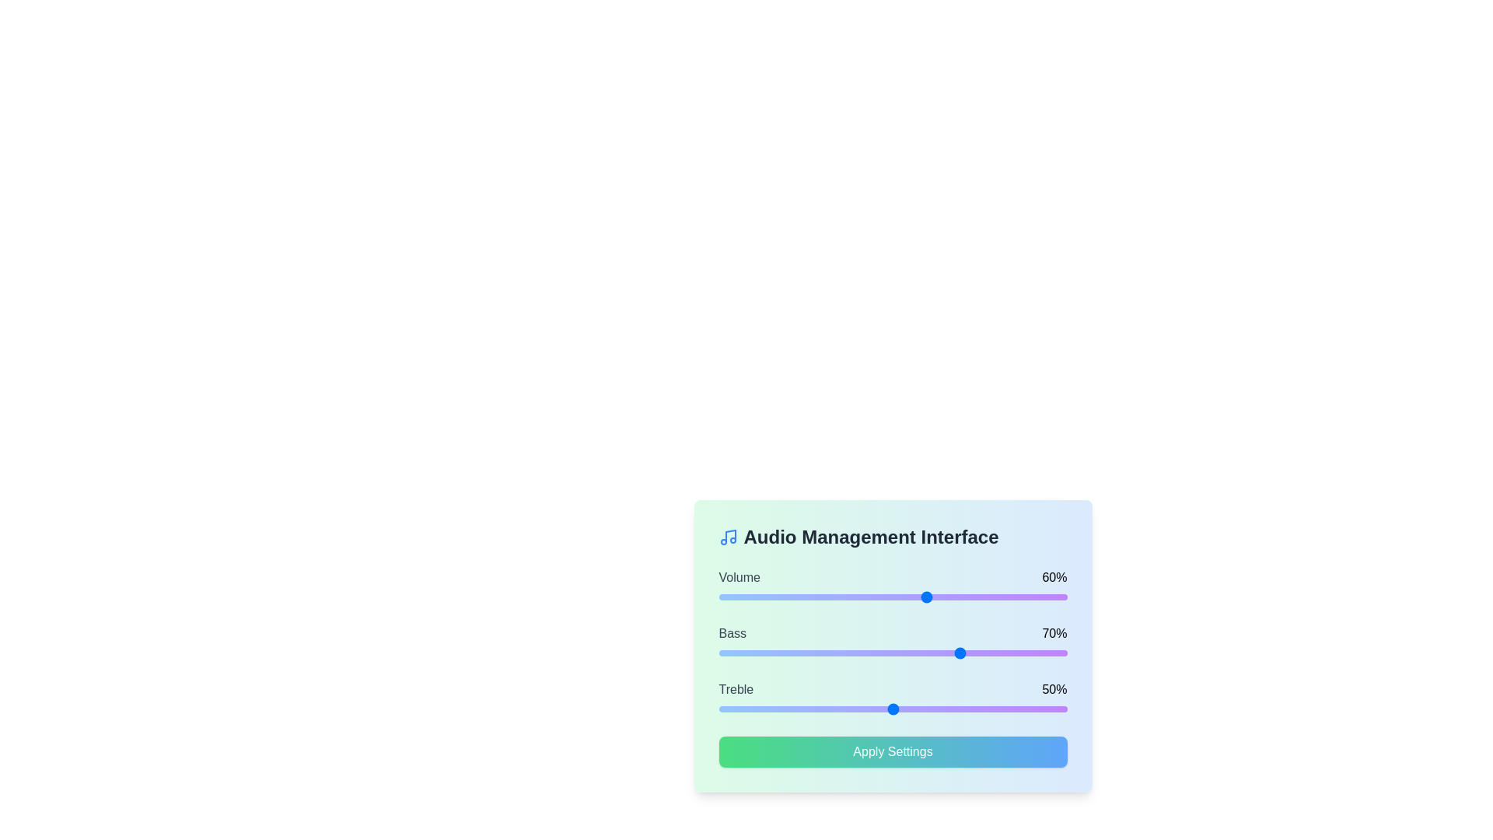 The width and height of the screenshot is (1493, 840). I want to click on the treble level, so click(767, 709).